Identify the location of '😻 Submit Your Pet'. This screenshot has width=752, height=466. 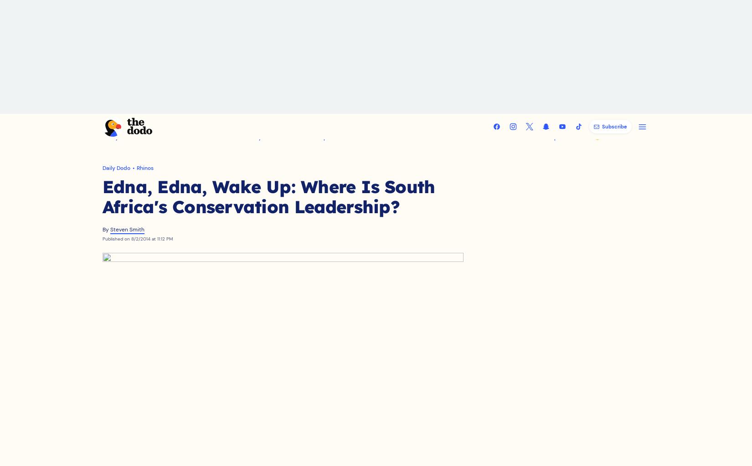
(593, 147).